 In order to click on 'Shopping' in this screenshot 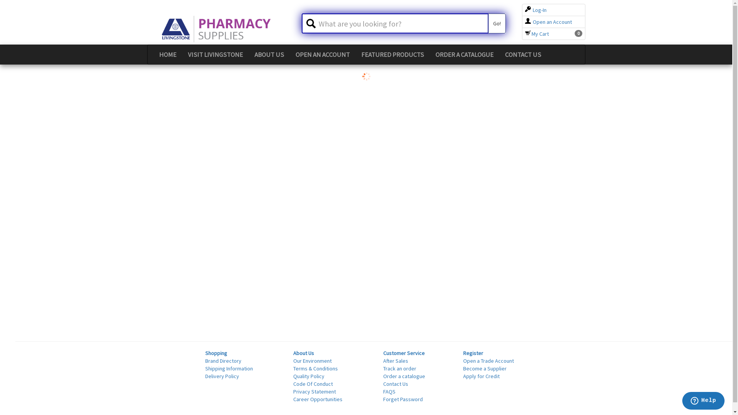, I will do `click(216, 353)`.